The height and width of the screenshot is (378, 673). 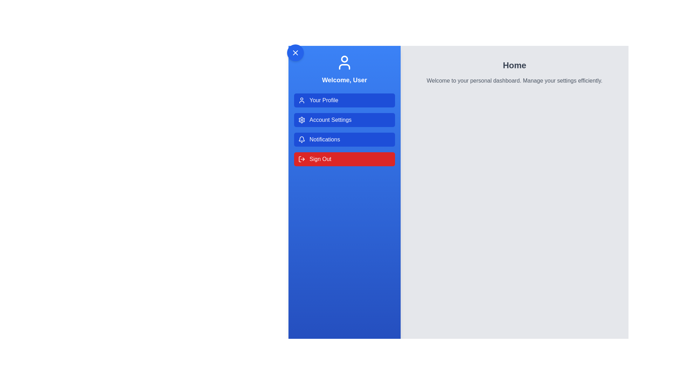 What do you see at coordinates (345, 139) in the screenshot?
I see `the menu option Notifications from the UserProfileDrawer` at bounding box center [345, 139].